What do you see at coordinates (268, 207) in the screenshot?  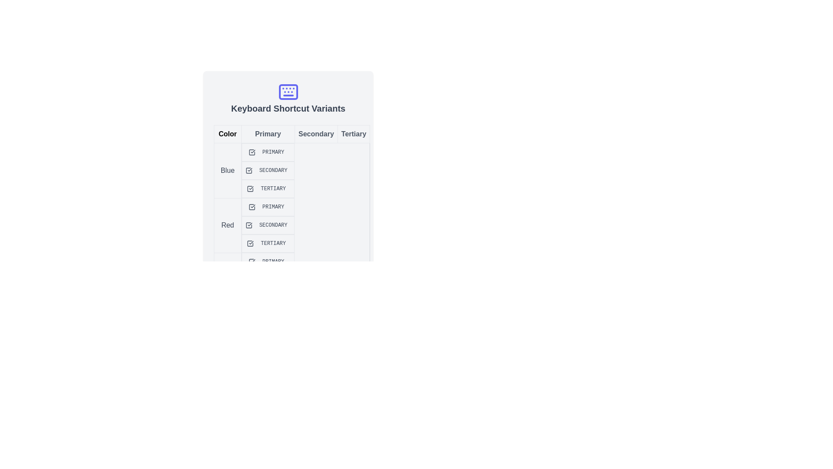 I see `the text label element displaying 'Primary', which has a light red background and is styled with bold uppercase darker red text, located in the third row under the 'Primary' column` at bounding box center [268, 207].